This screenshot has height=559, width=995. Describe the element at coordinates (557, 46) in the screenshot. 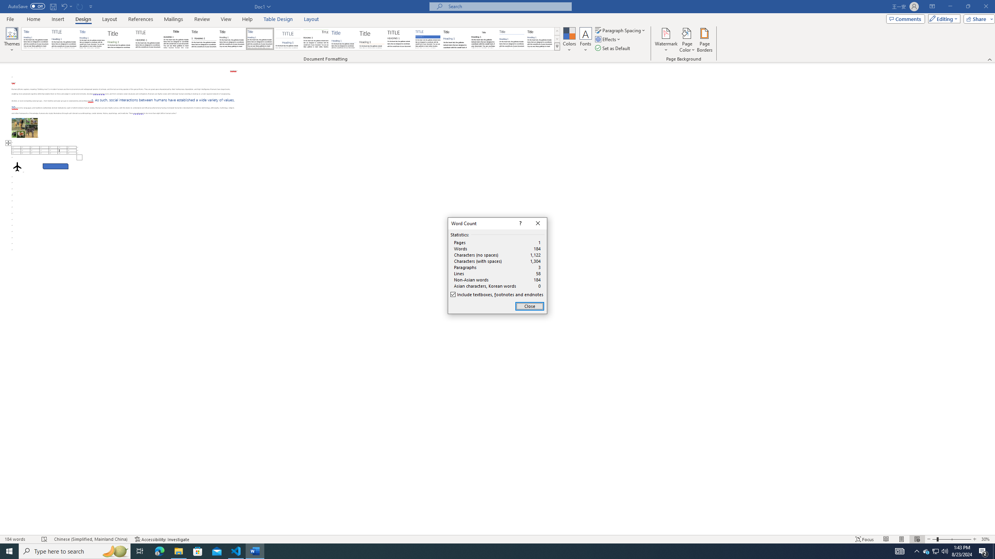

I see `'Style Set'` at that location.